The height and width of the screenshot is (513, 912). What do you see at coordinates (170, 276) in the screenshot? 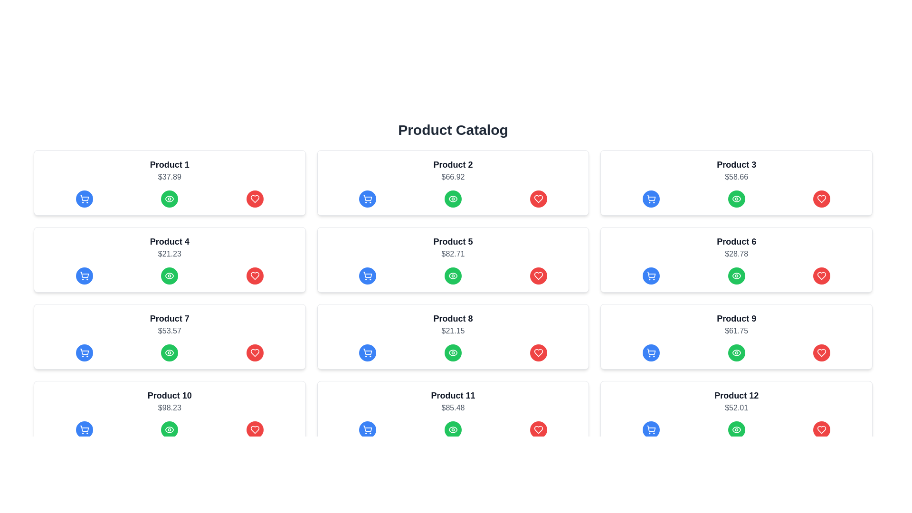
I see `the 'view details' button located in the middle of a group of three buttons below the pricing information for 'Product 4' in the second row of the product grid` at bounding box center [170, 276].